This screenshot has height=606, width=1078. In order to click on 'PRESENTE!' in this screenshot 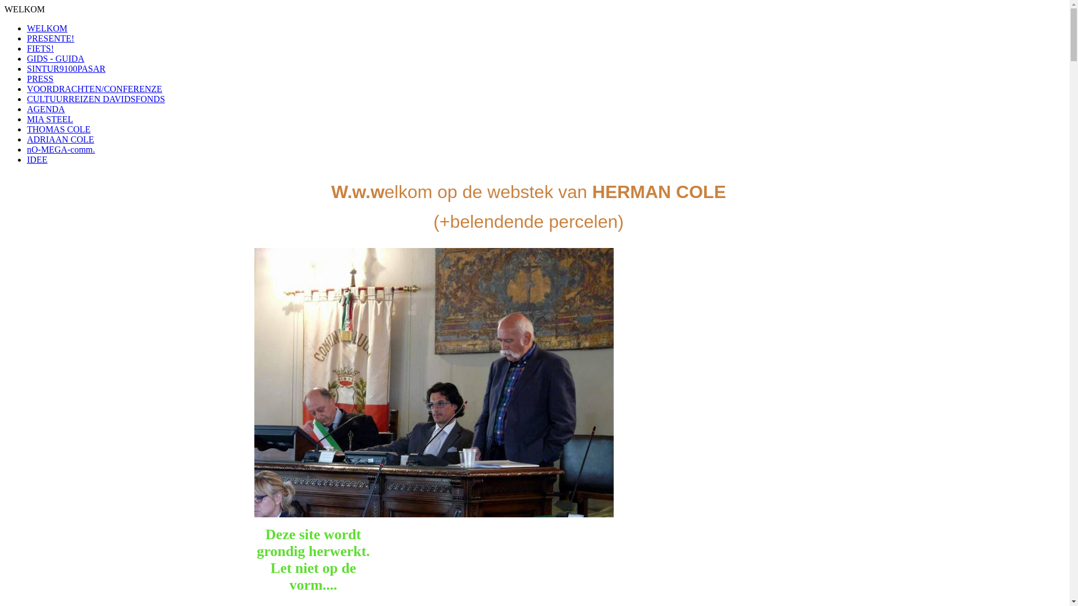, I will do `click(50, 38)`.